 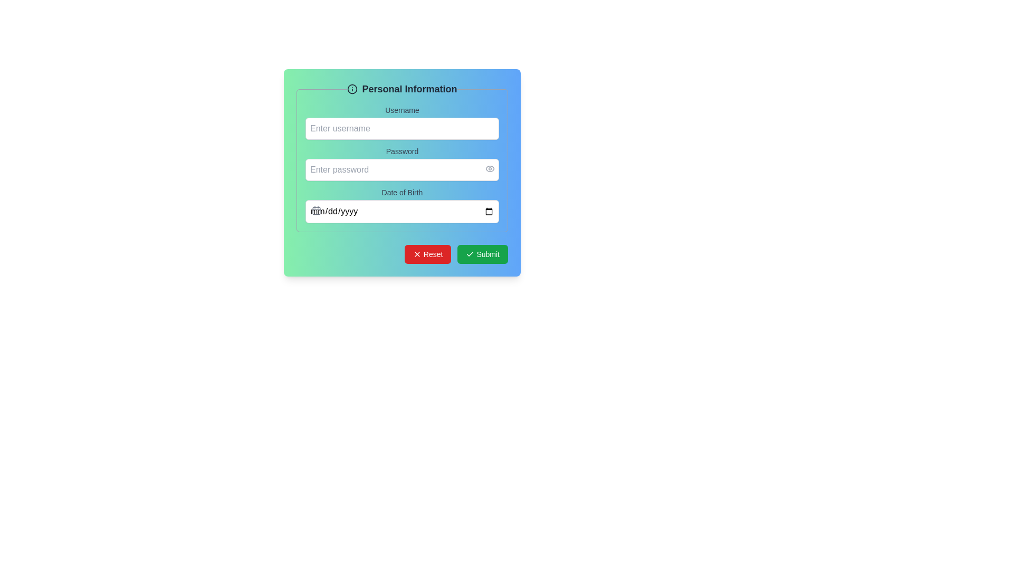 I want to click on the text label that reads 'Username', which is styled with a medium-sized, gray-colored font and is located at the top of the 'Personal Information' form, positioned directly above the 'Enter username' text input field, so click(x=402, y=110).